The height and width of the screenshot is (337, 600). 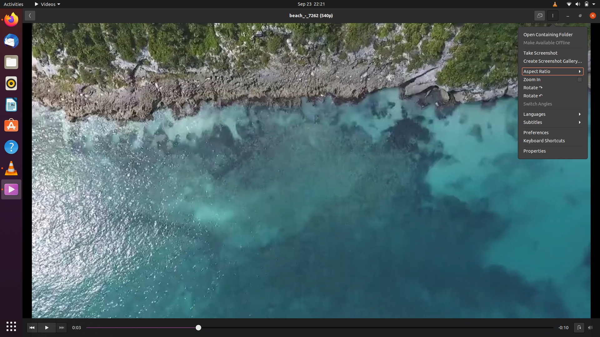 I want to click on the properties of the current video, so click(x=553, y=151).